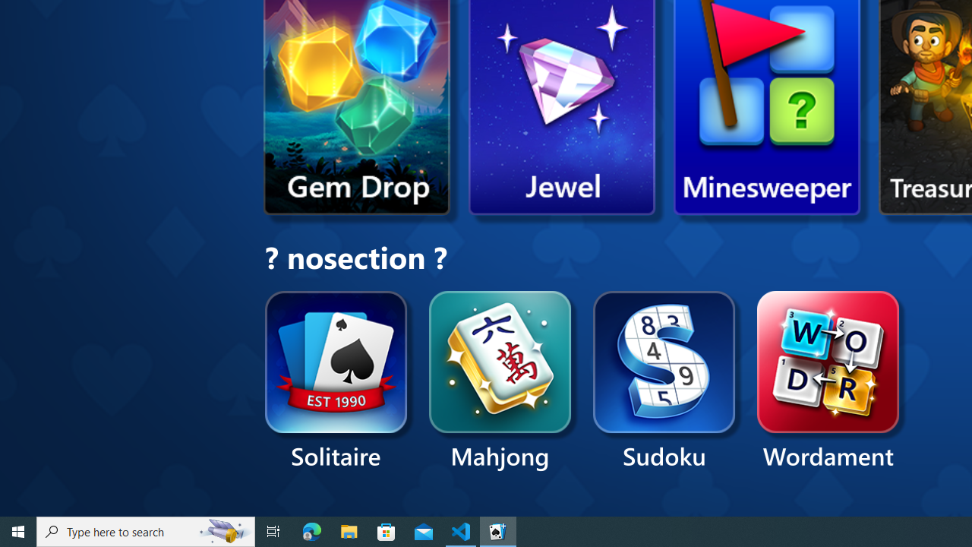  What do you see at coordinates (827, 381) in the screenshot?
I see `'Wordament'` at bounding box center [827, 381].